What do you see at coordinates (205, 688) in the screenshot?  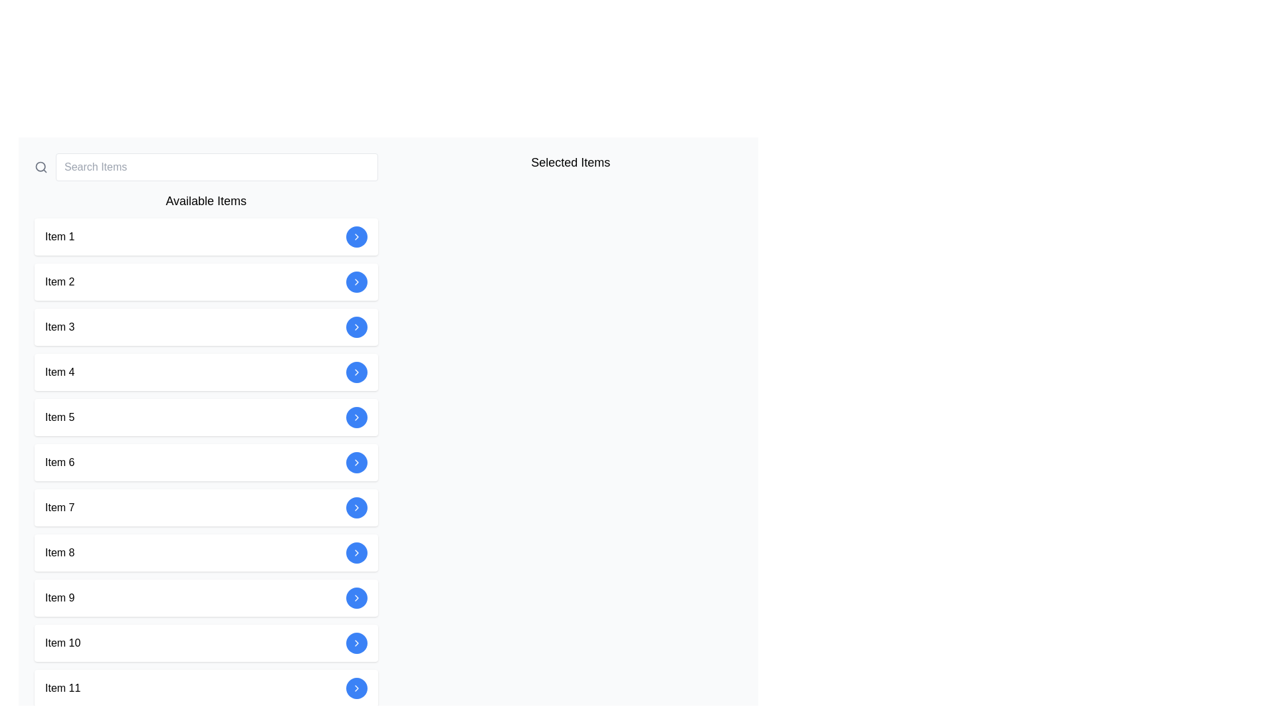 I see `the list item labeled 'Item 11' which features a blue circular button with an arrow symbol on the right side` at bounding box center [205, 688].